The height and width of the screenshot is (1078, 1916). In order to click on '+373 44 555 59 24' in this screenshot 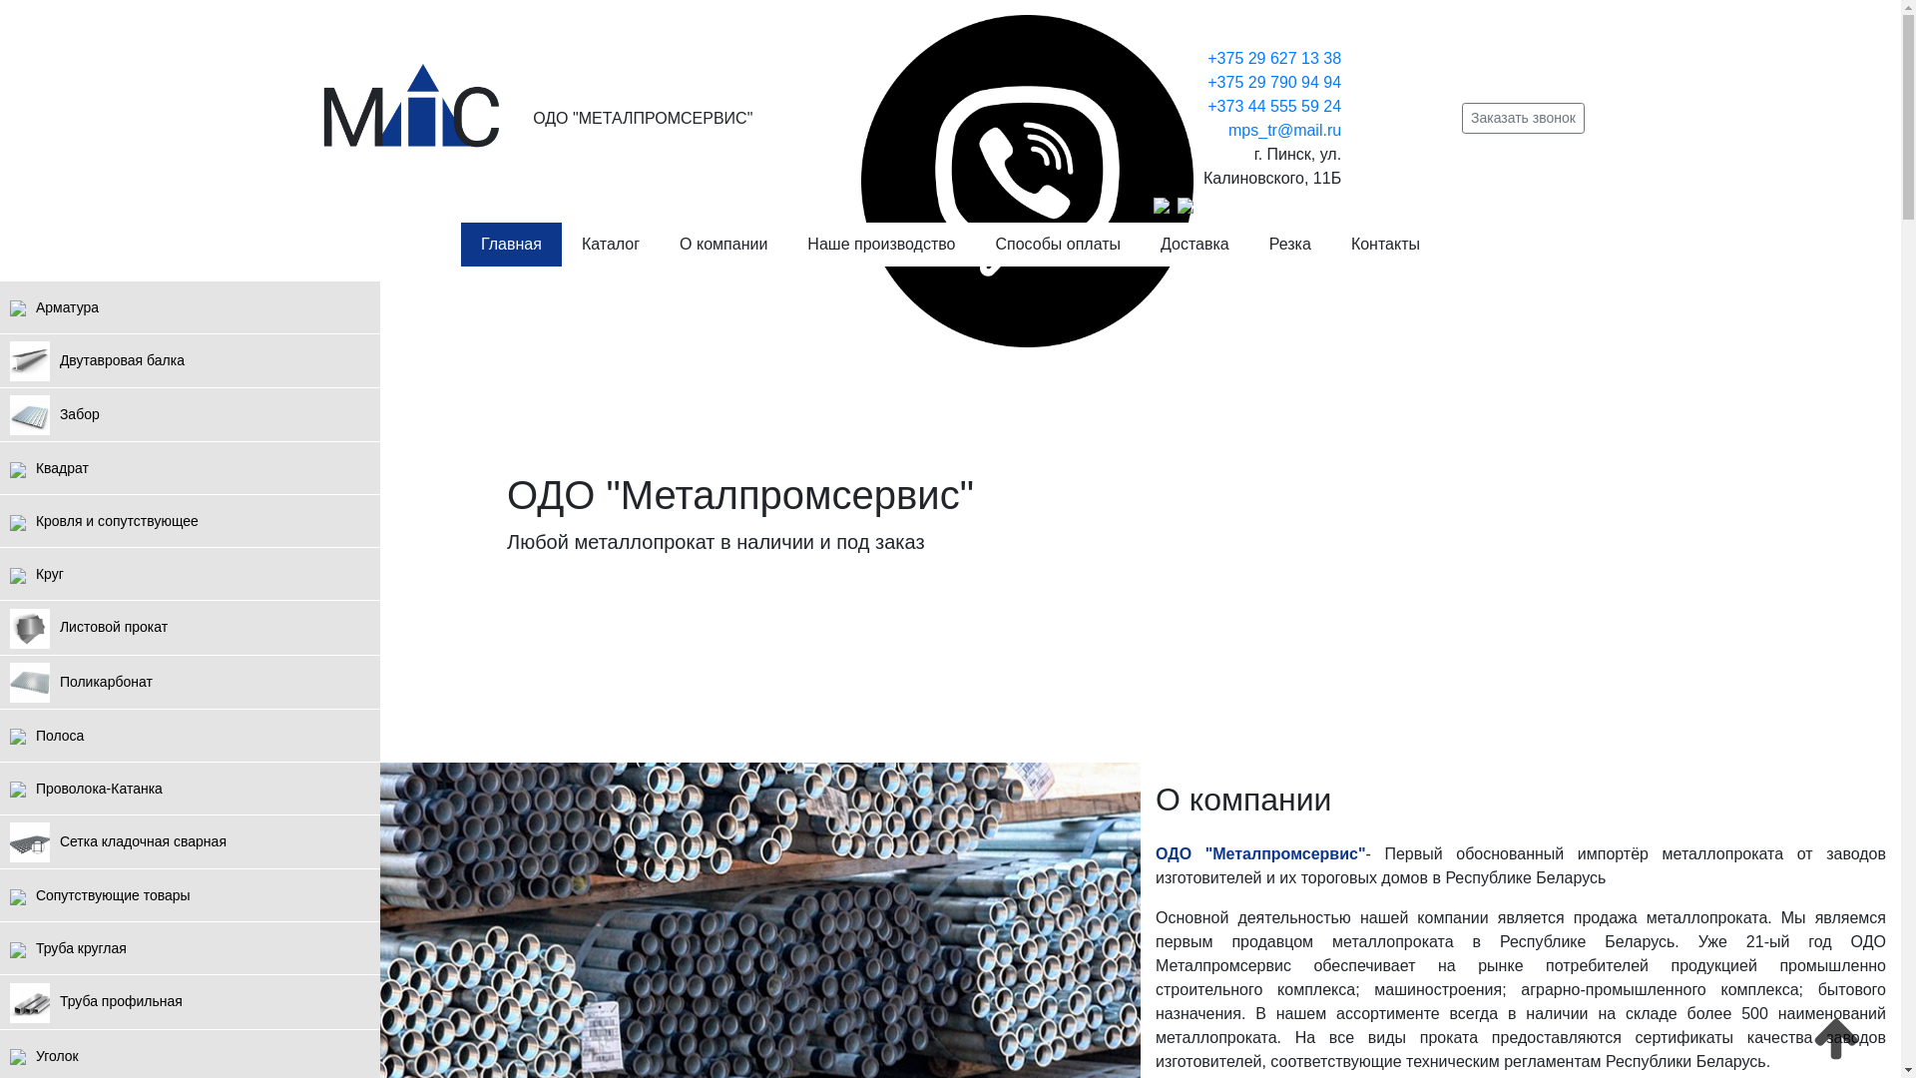, I will do `click(1205, 106)`.